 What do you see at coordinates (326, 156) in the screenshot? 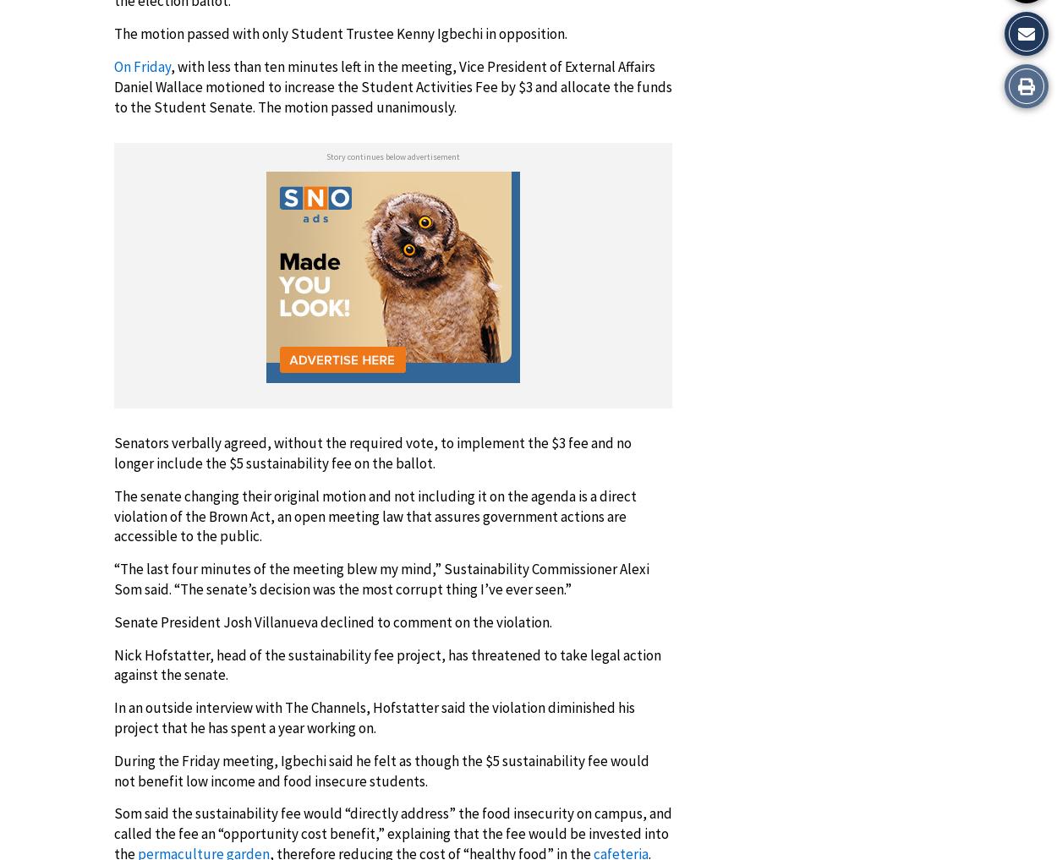
I see `'Story continues below advertisement'` at bounding box center [326, 156].